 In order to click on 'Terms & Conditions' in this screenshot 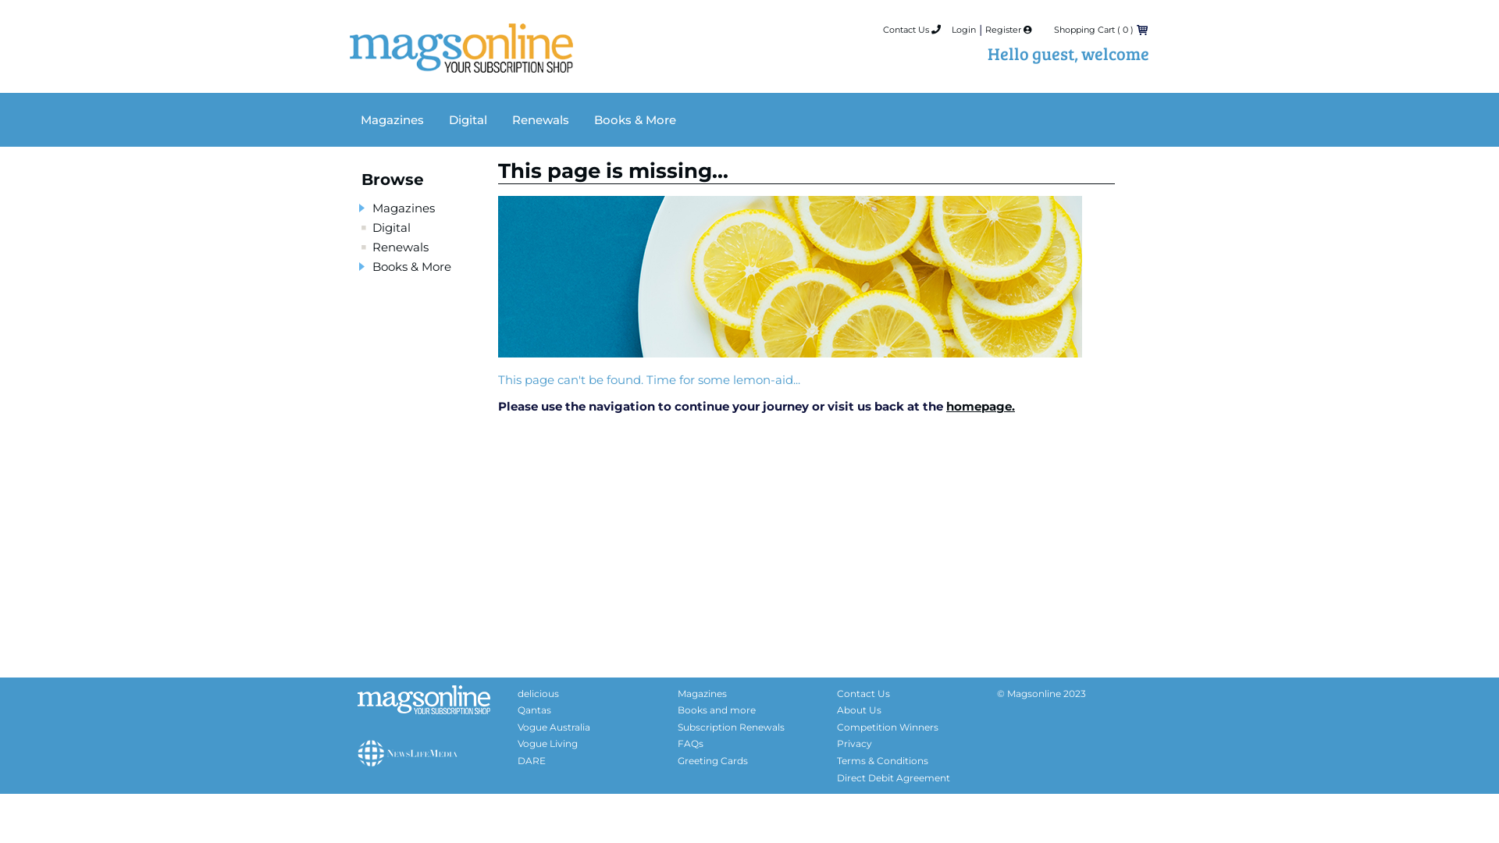, I will do `click(882, 759)`.